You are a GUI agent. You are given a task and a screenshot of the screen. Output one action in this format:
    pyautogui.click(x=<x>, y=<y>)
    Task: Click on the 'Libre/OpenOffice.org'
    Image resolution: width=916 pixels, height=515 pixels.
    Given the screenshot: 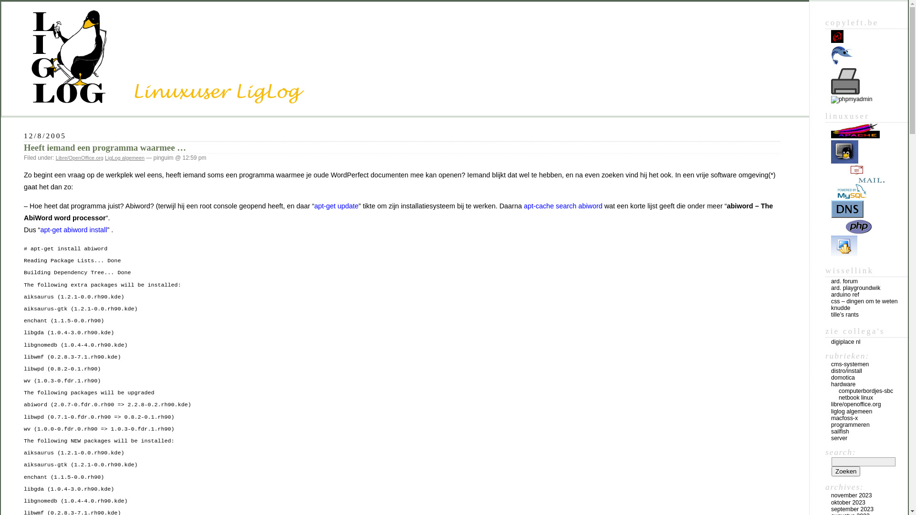 What is the action you would take?
    pyautogui.click(x=80, y=157)
    